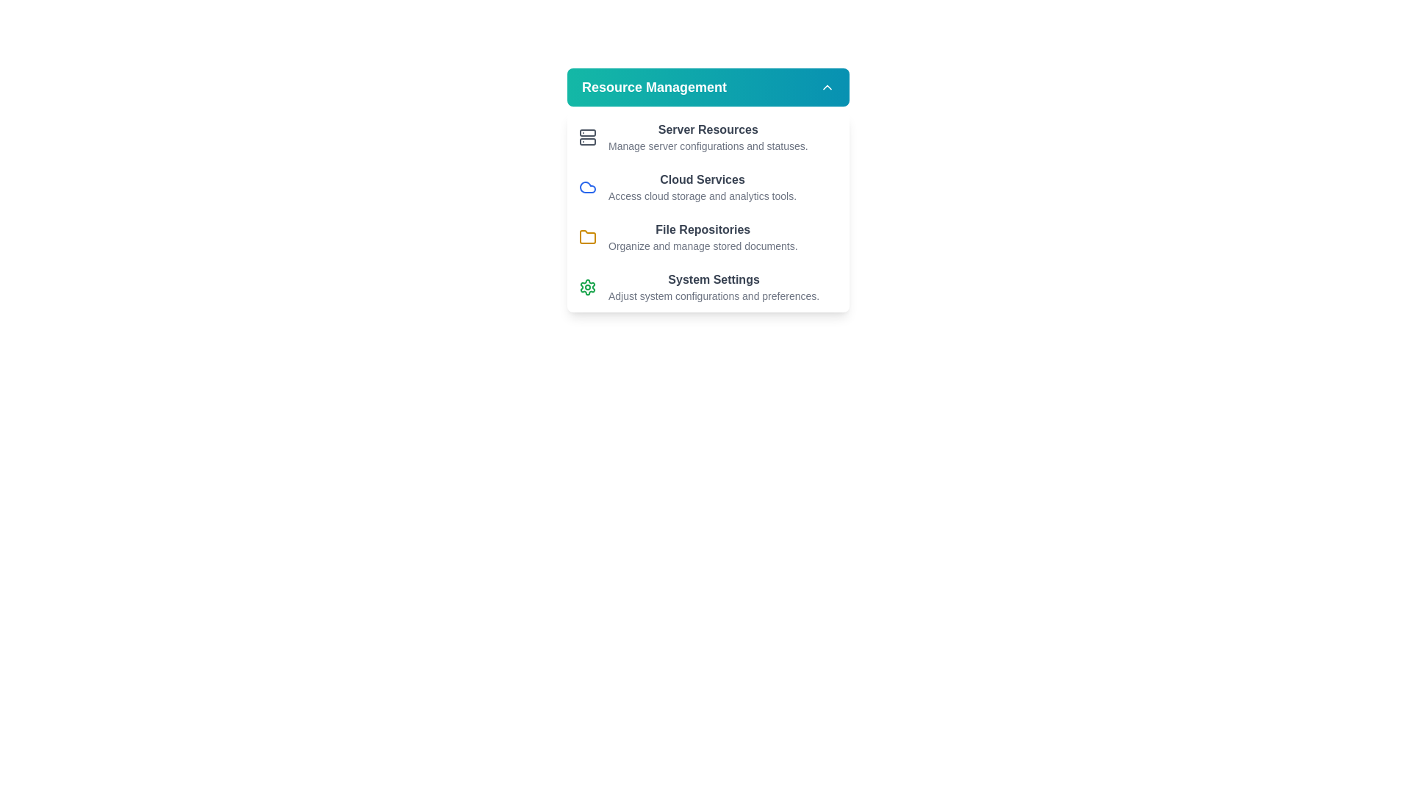  I want to click on the descriptive text 'Manage server configurations and statuses.', so click(708, 146).